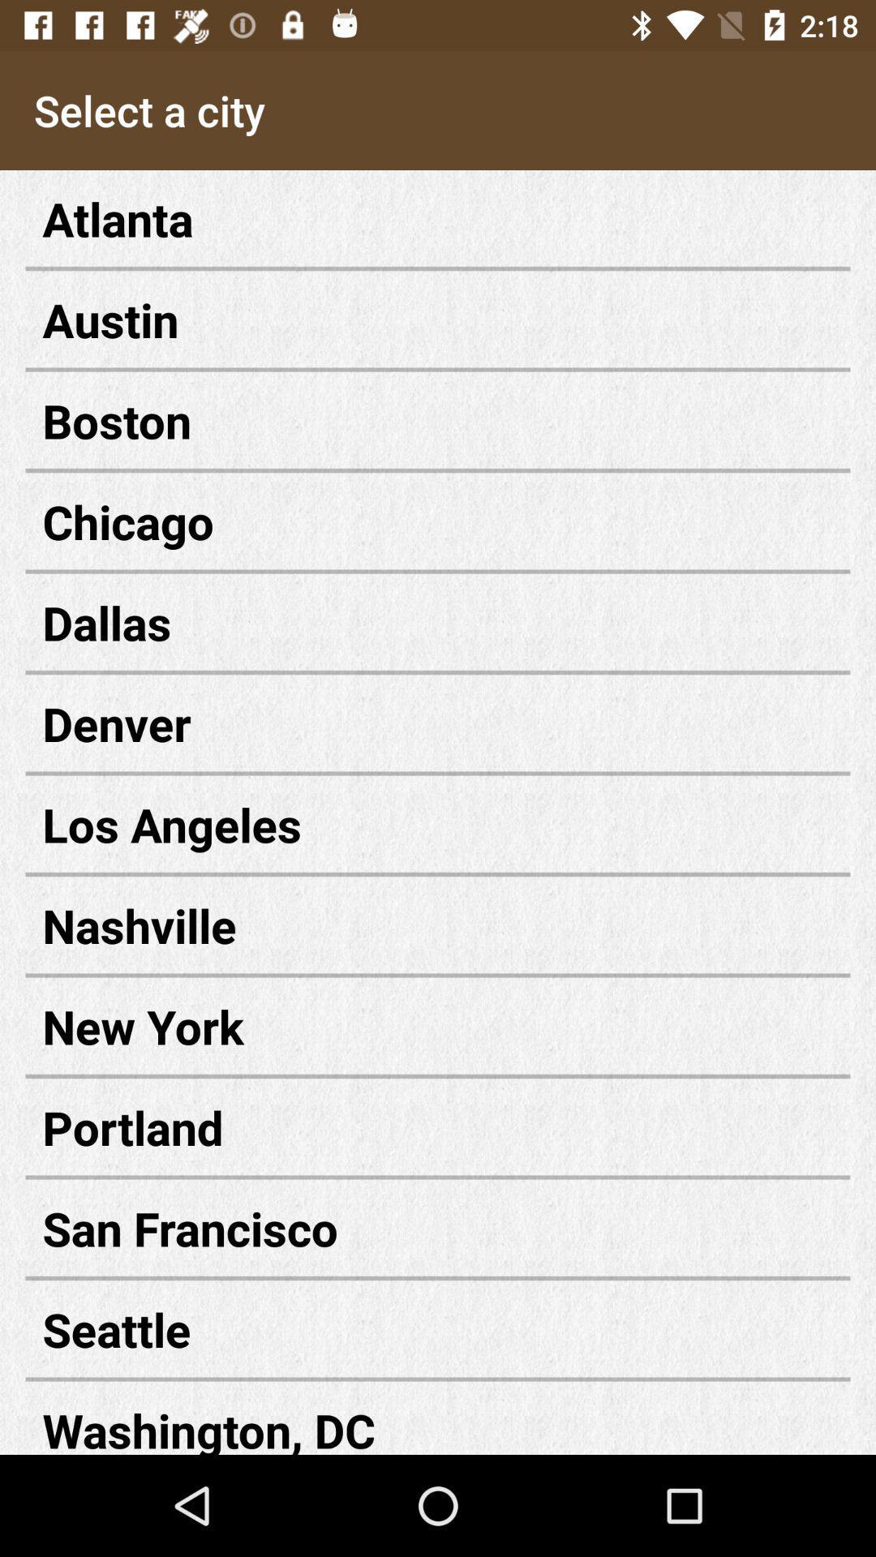  Describe the element at coordinates (438, 420) in the screenshot. I see `the item below austin` at that location.